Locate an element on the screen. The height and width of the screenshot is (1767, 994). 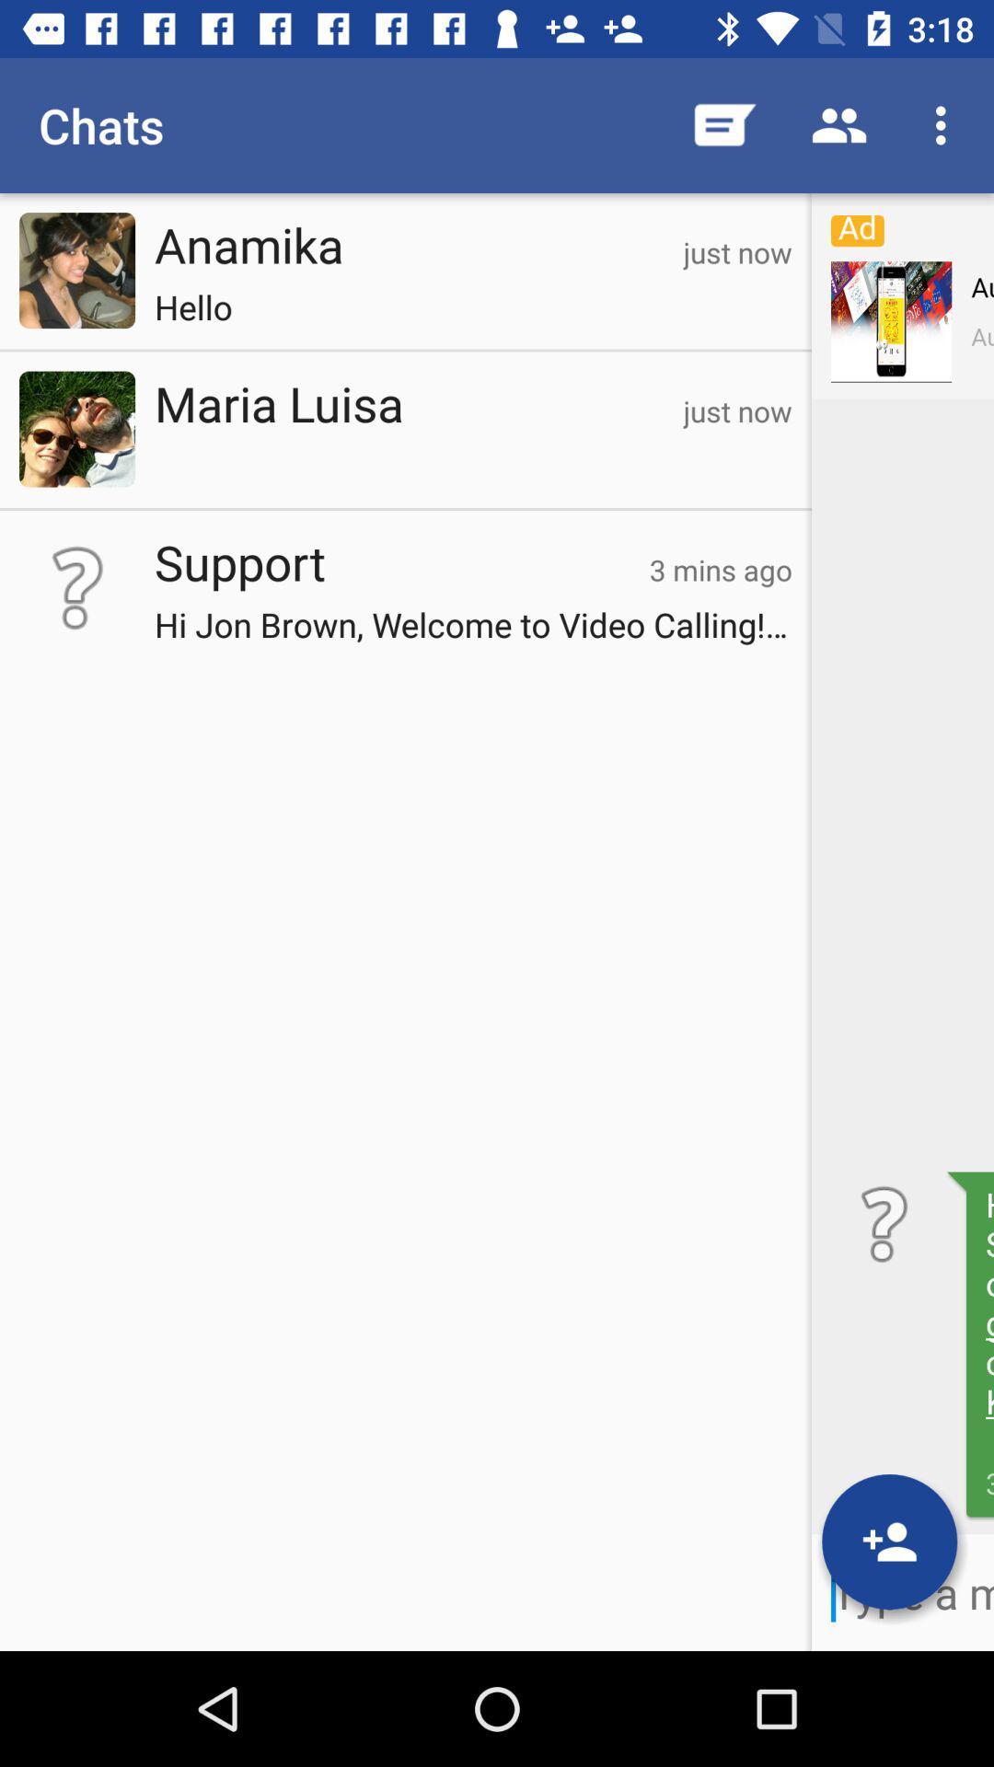
the follow icon is located at coordinates (888, 1542).